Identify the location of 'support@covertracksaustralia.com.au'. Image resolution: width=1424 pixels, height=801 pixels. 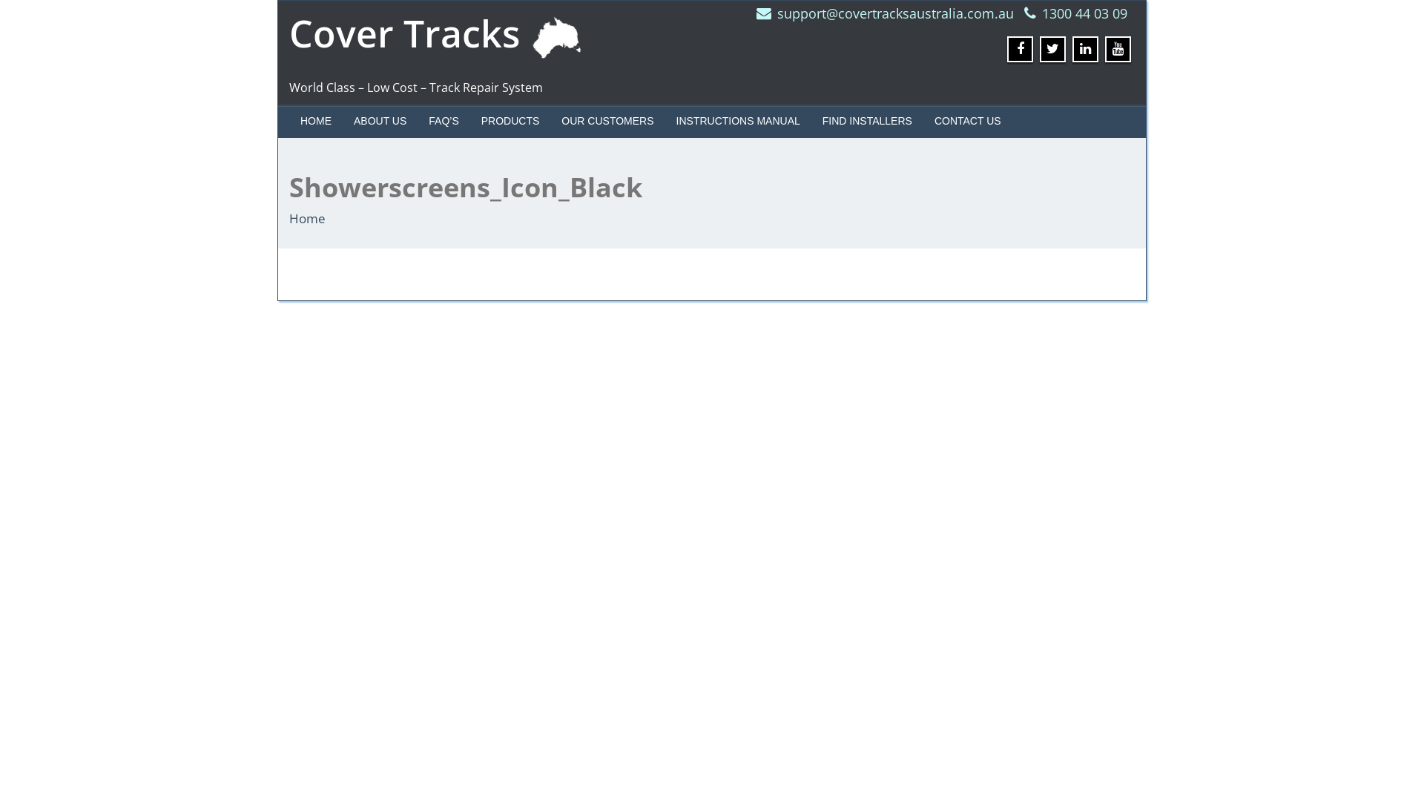
(894, 13).